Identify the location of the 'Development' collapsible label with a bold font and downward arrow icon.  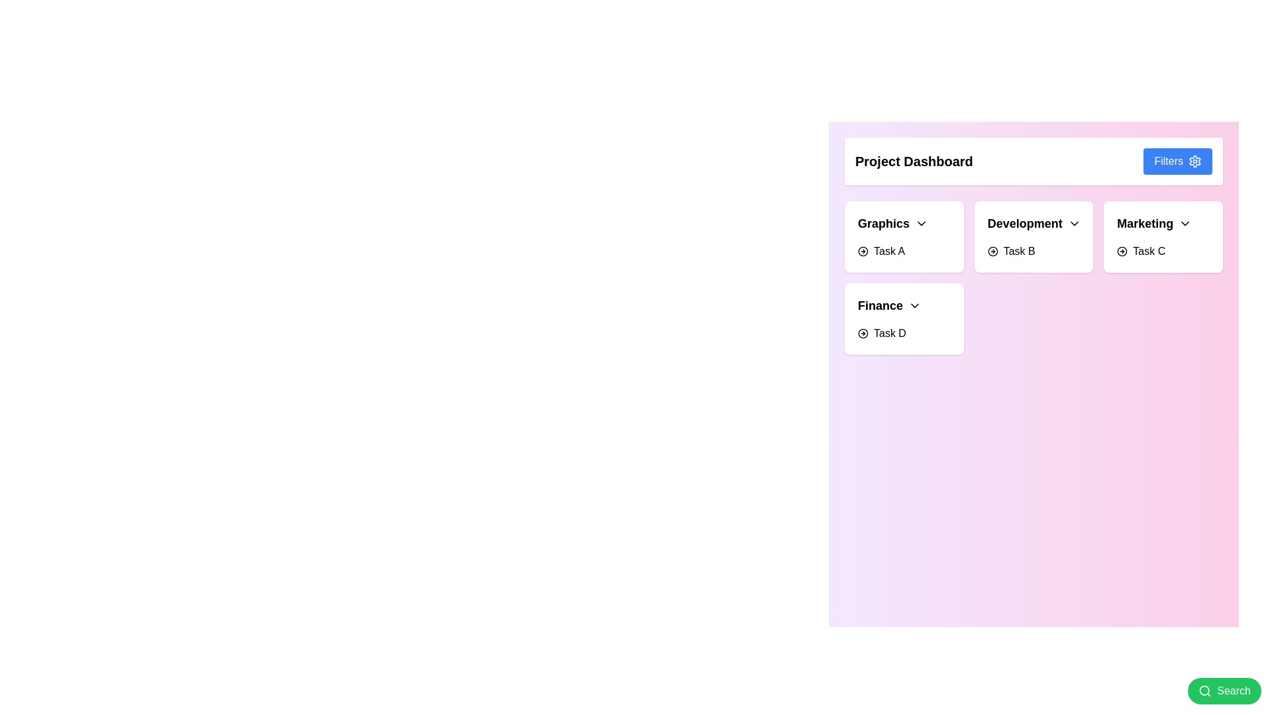
(1033, 223).